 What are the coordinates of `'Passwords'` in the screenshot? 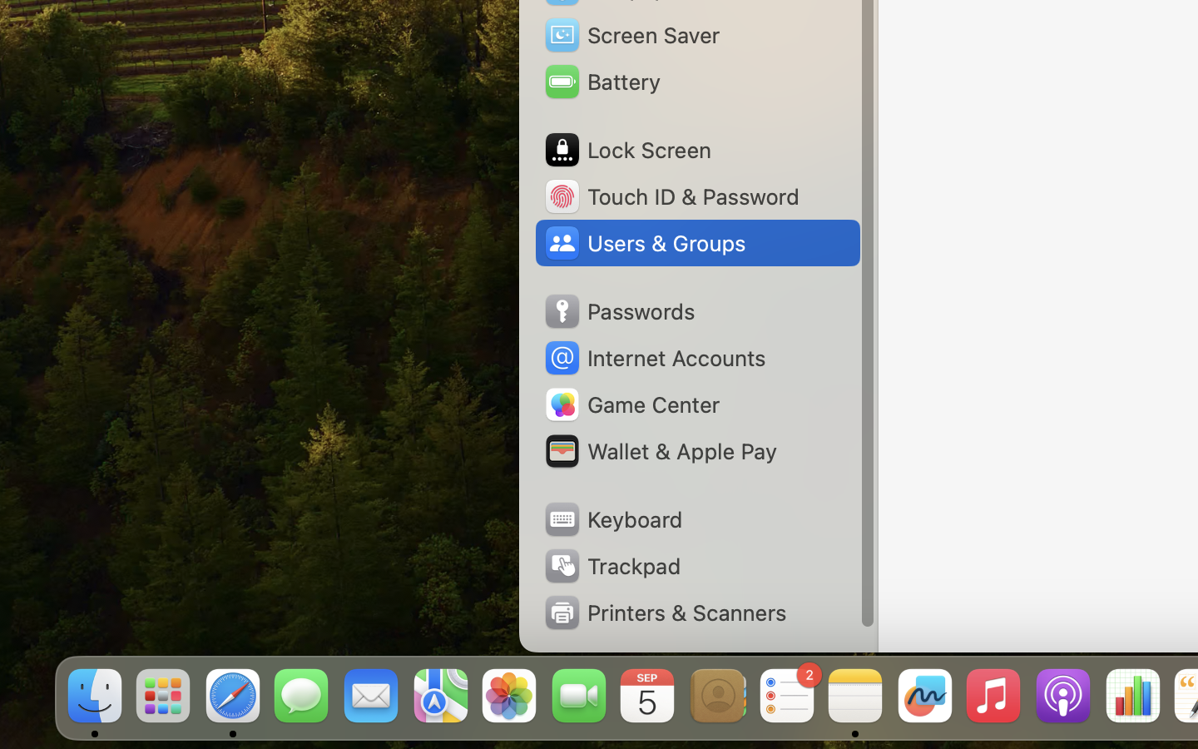 It's located at (618, 311).